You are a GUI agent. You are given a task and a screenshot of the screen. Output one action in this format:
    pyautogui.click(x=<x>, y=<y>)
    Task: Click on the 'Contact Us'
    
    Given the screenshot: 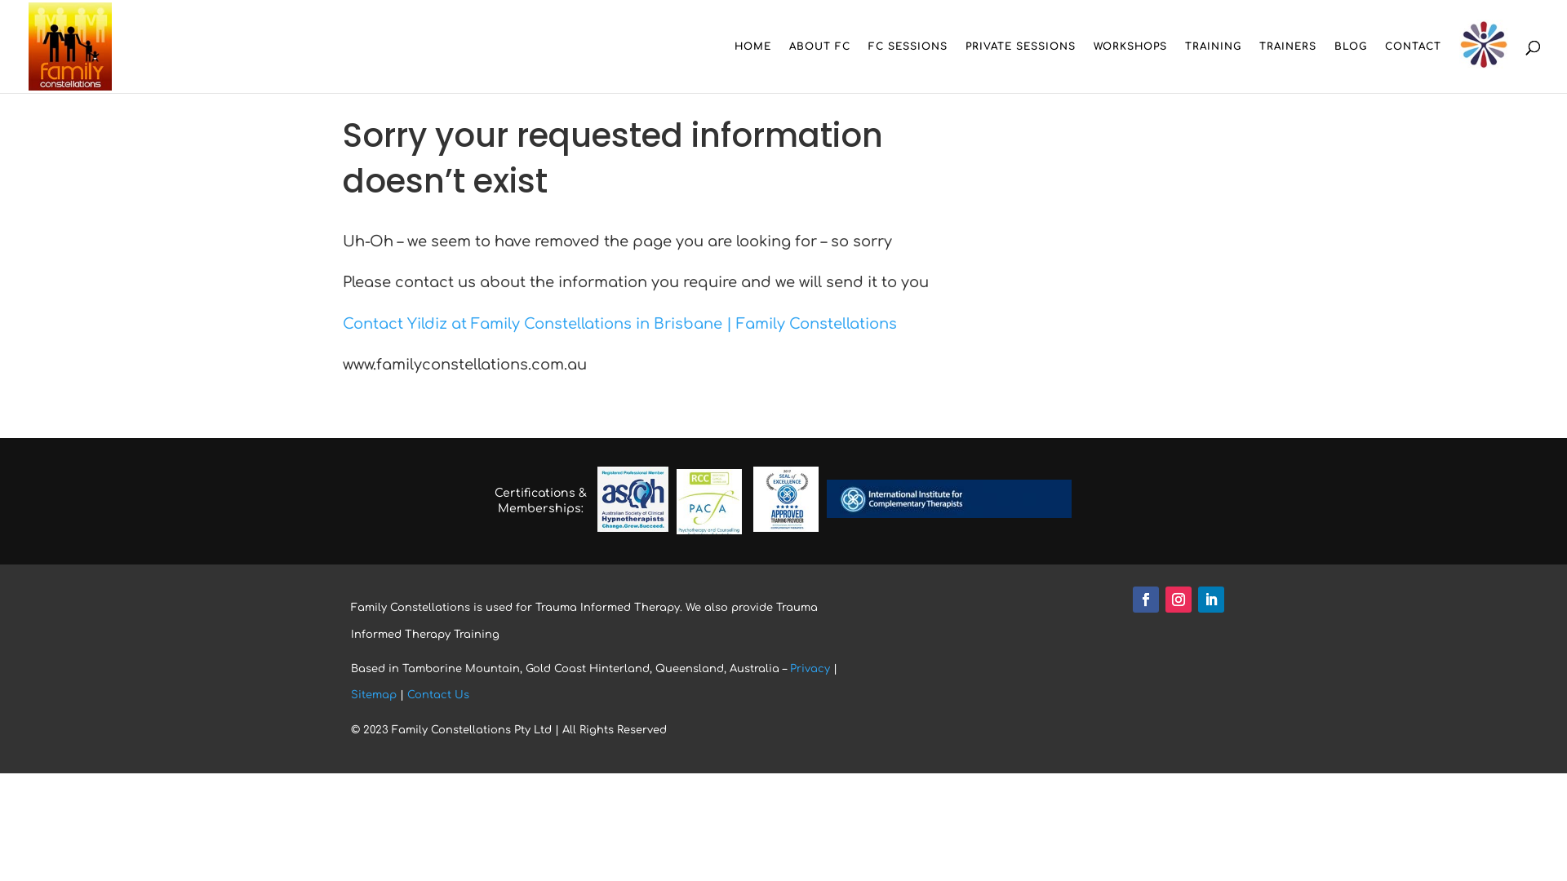 What is the action you would take?
    pyautogui.click(x=438, y=695)
    